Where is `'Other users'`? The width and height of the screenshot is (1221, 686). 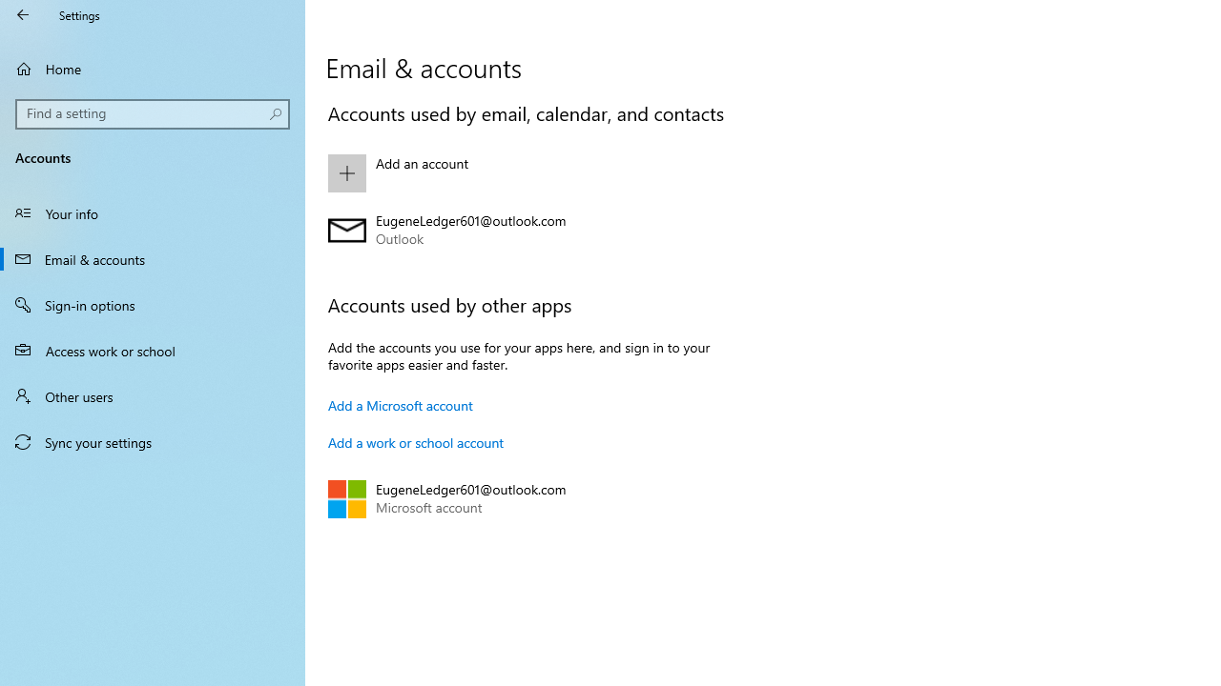 'Other users' is located at coordinates (153, 394).